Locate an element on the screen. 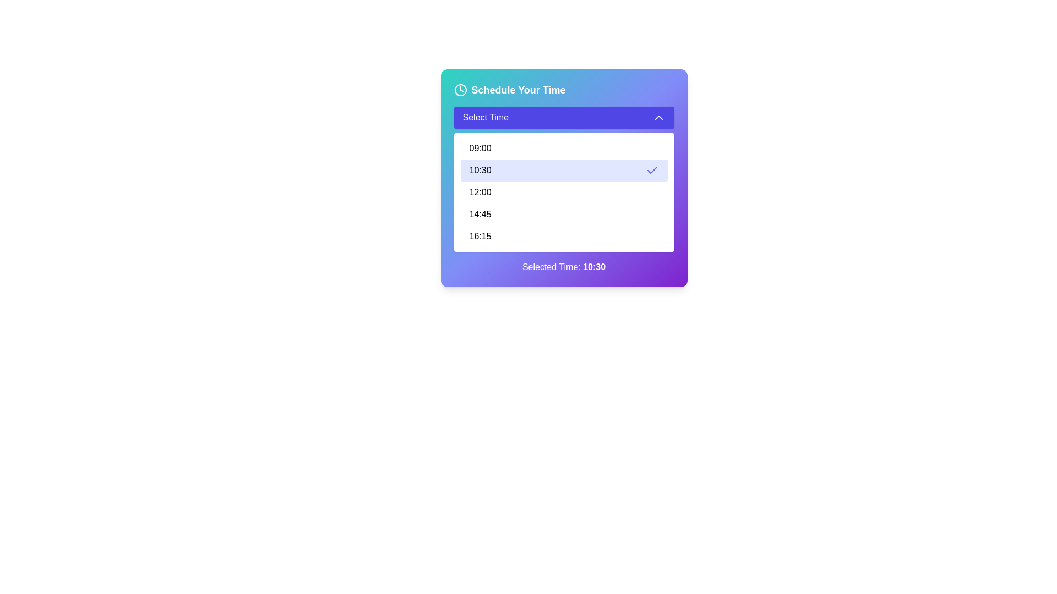  the text label that serves as the header for the section below, located near the top center of the interface and aligned with a clock icon to its left is located at coordinates (517, 90).